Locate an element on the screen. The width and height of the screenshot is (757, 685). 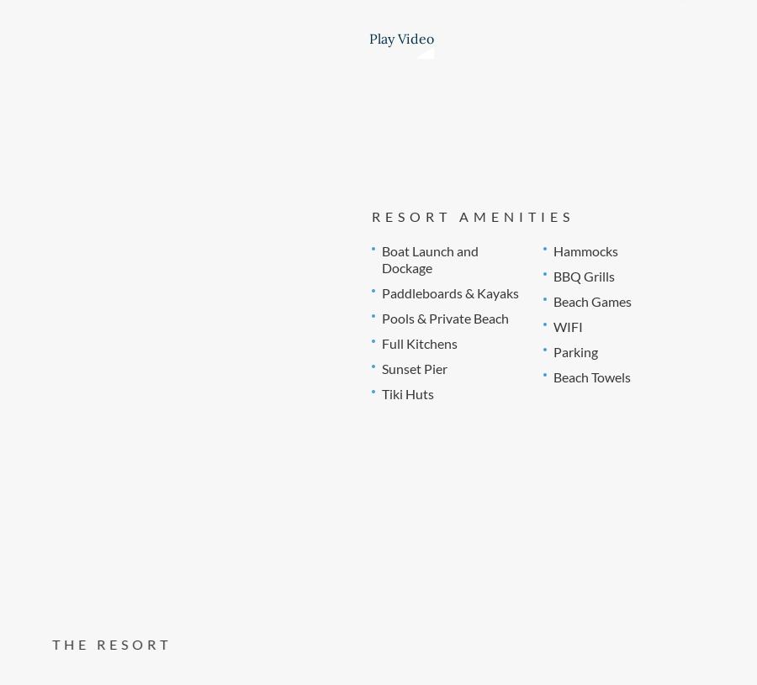
'Hammocks' is located at coordinates (584, 249).